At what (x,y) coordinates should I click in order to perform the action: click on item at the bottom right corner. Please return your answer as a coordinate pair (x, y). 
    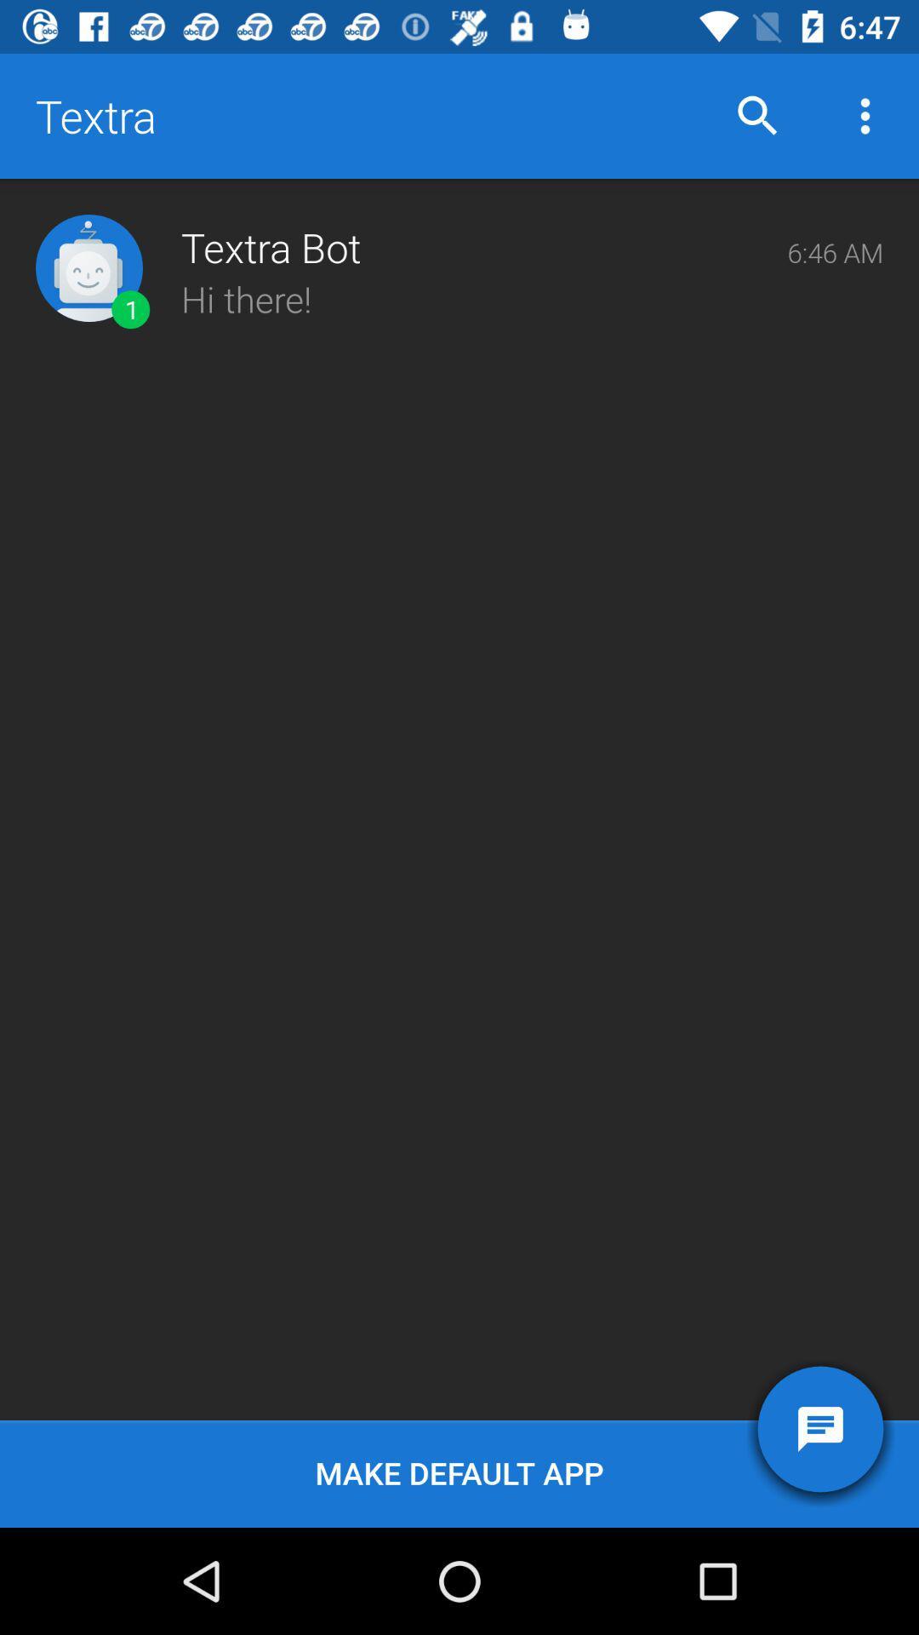
    Looking at the image, I should click on (819, 1429).